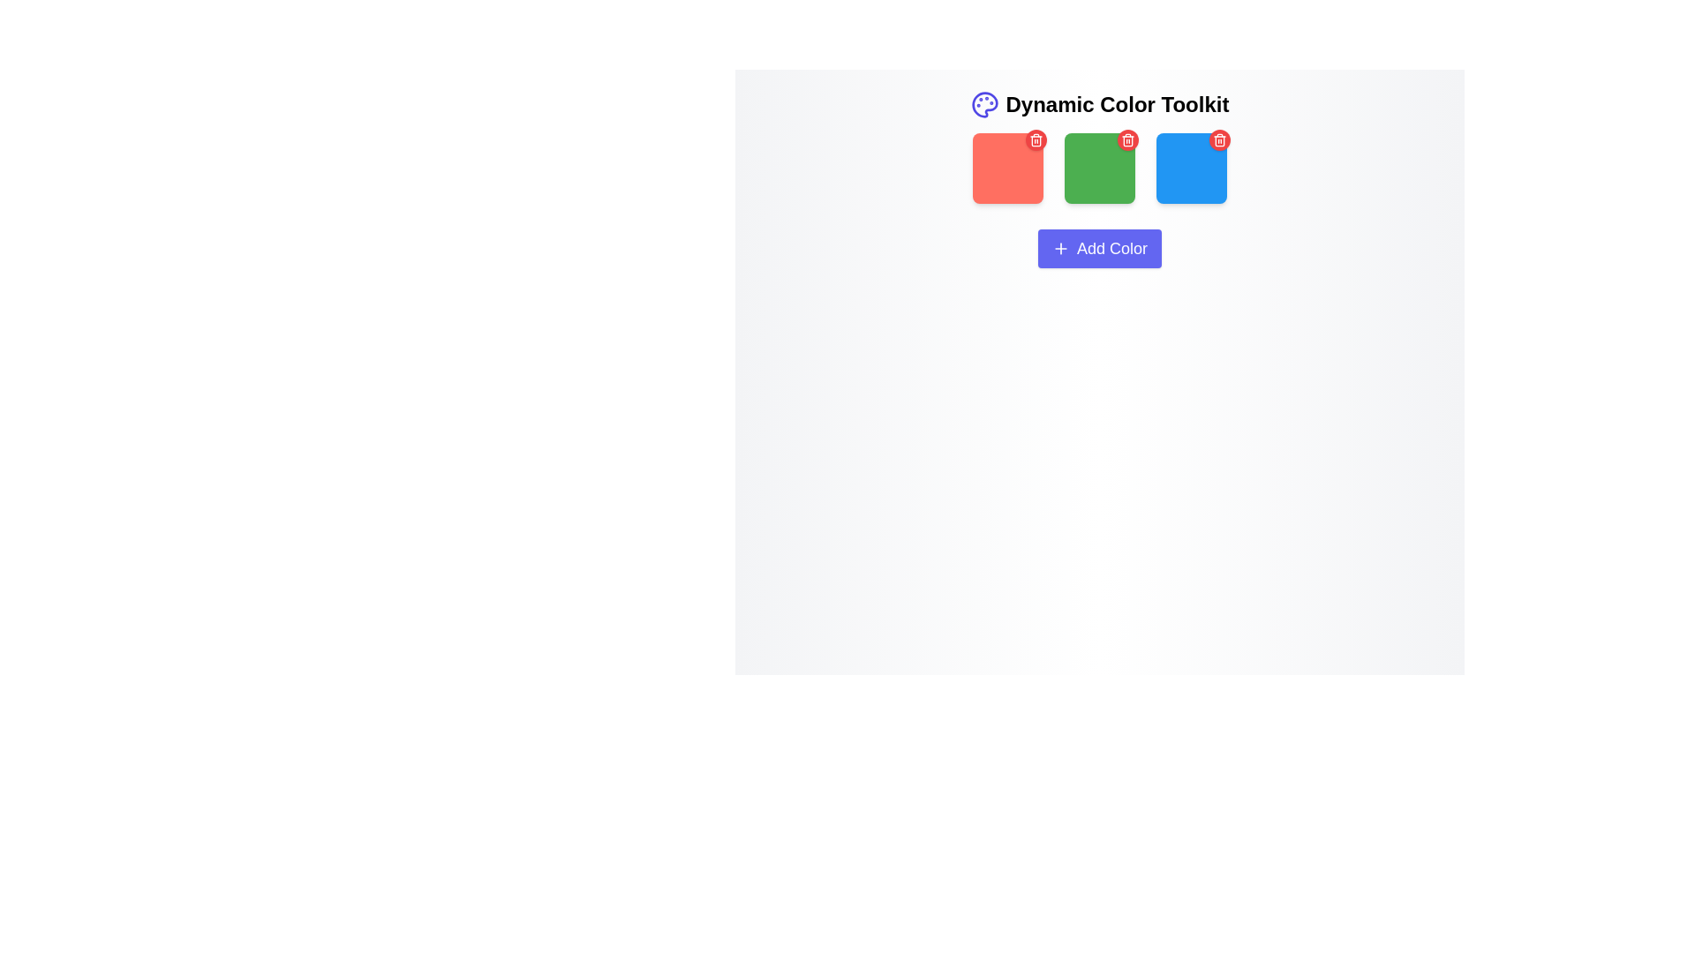 The image size is (1695, 953). Describe the element at coordinates (1008, 169) in the screenshot. I see `the leftmost red square button in the 'Dynamic Color Toolkit' section` at that location.